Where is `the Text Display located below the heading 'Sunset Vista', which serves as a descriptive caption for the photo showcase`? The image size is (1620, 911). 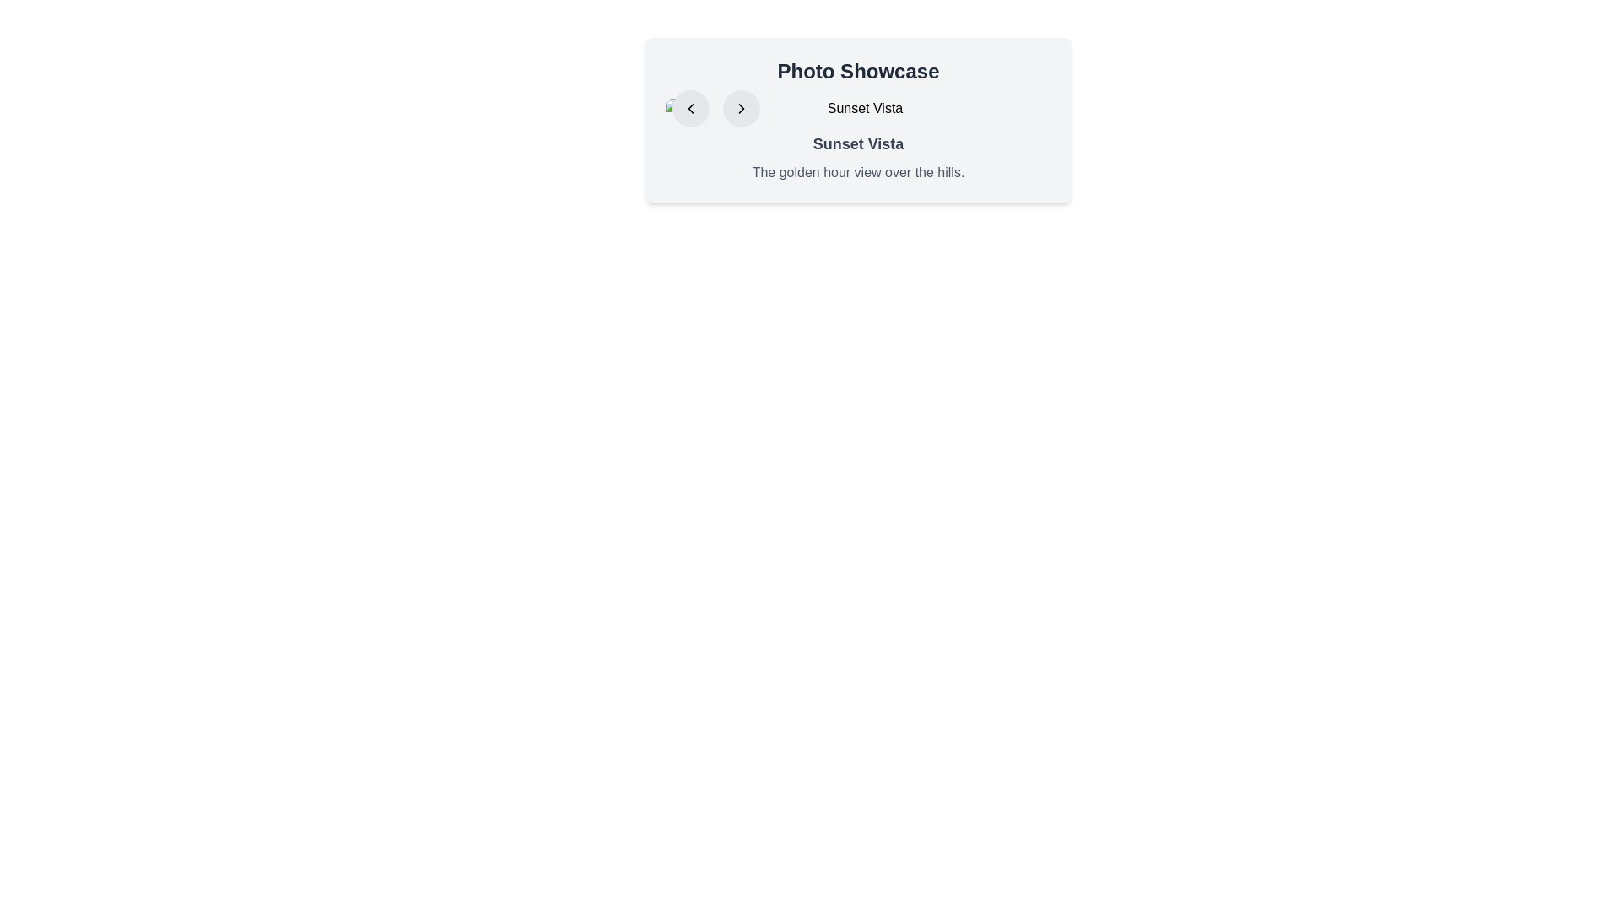 the Text Display located below the heading 'Sunset Vista', which serves as a descriptive caption for the photo showcase is located at coordinates (858, 172).